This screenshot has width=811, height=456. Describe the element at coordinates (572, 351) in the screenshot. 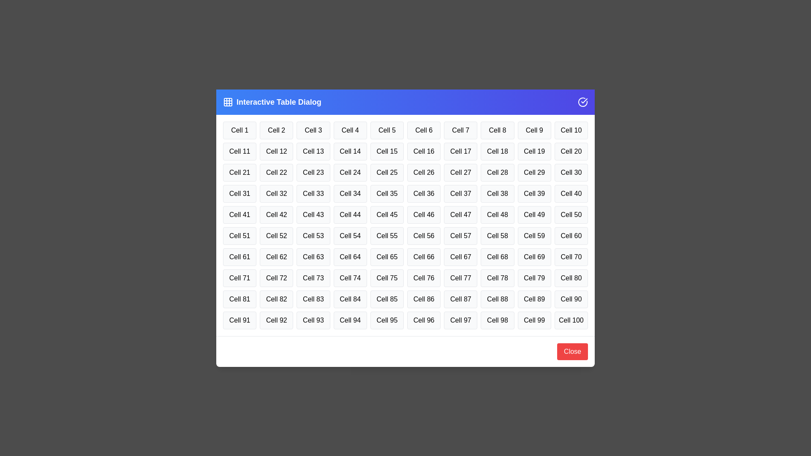

I see `the close button in the footer to close the dialog` at that location.